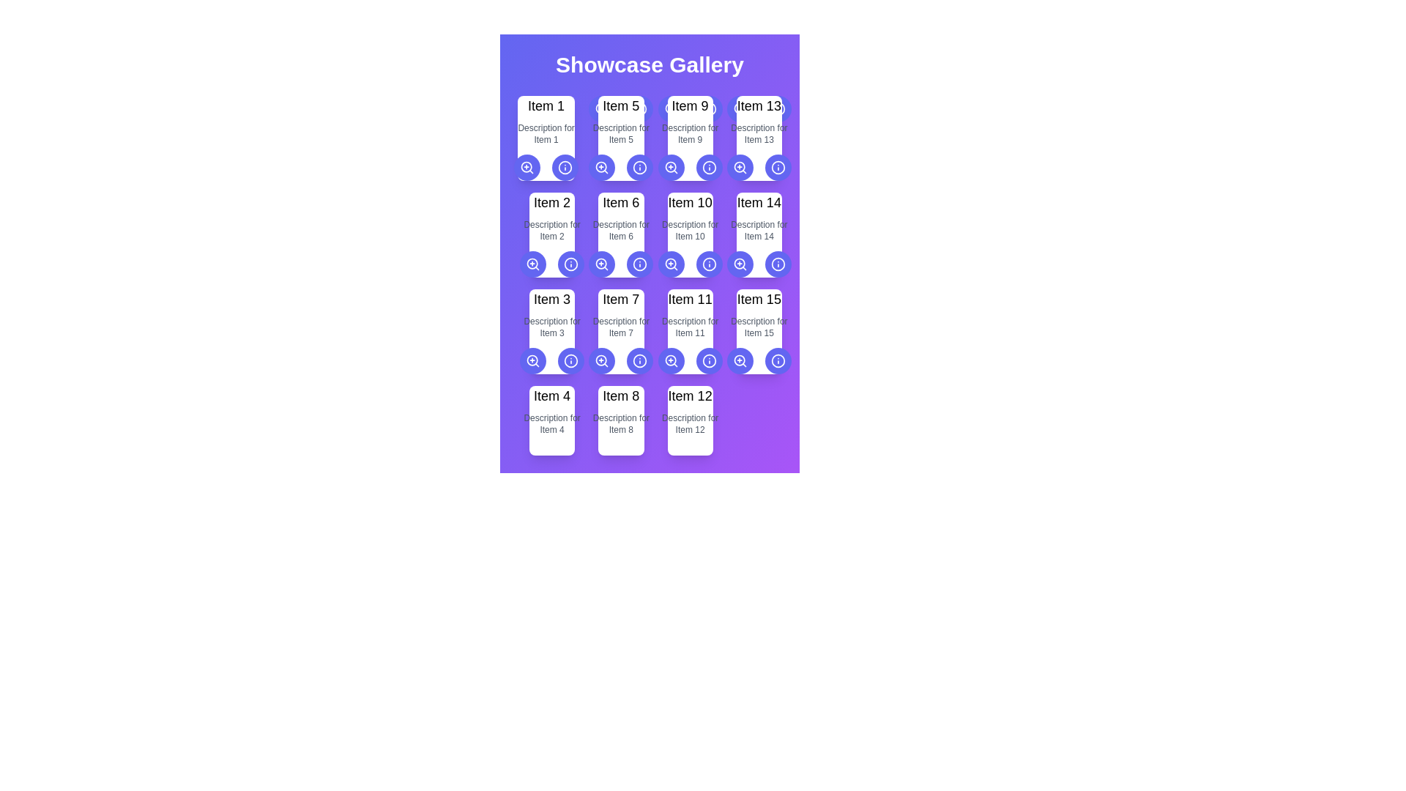  What do you see at coordinates (551, 420) in the screenshot?
I see `the Informational card displaying 'Item 4' with a light-colored background, located in the fourth row and first column of the 'Showcase Gallery', which contains a title in bold and a description in gray` at bounding box center [551, 420].